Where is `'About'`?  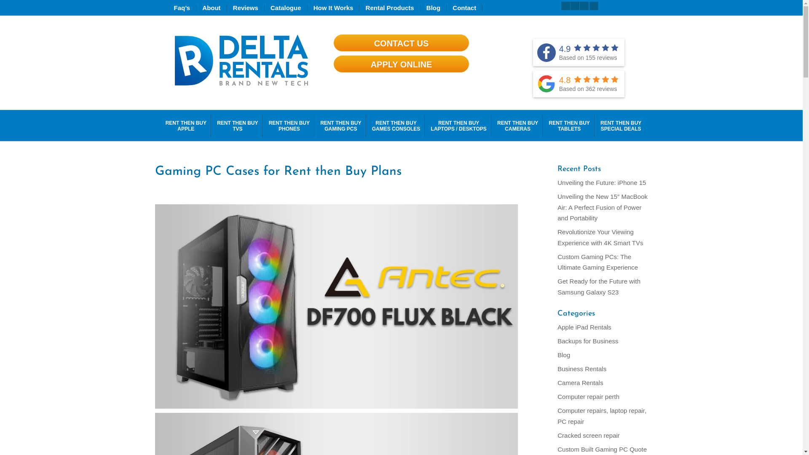
'About' is located at coordinates (214, 8).